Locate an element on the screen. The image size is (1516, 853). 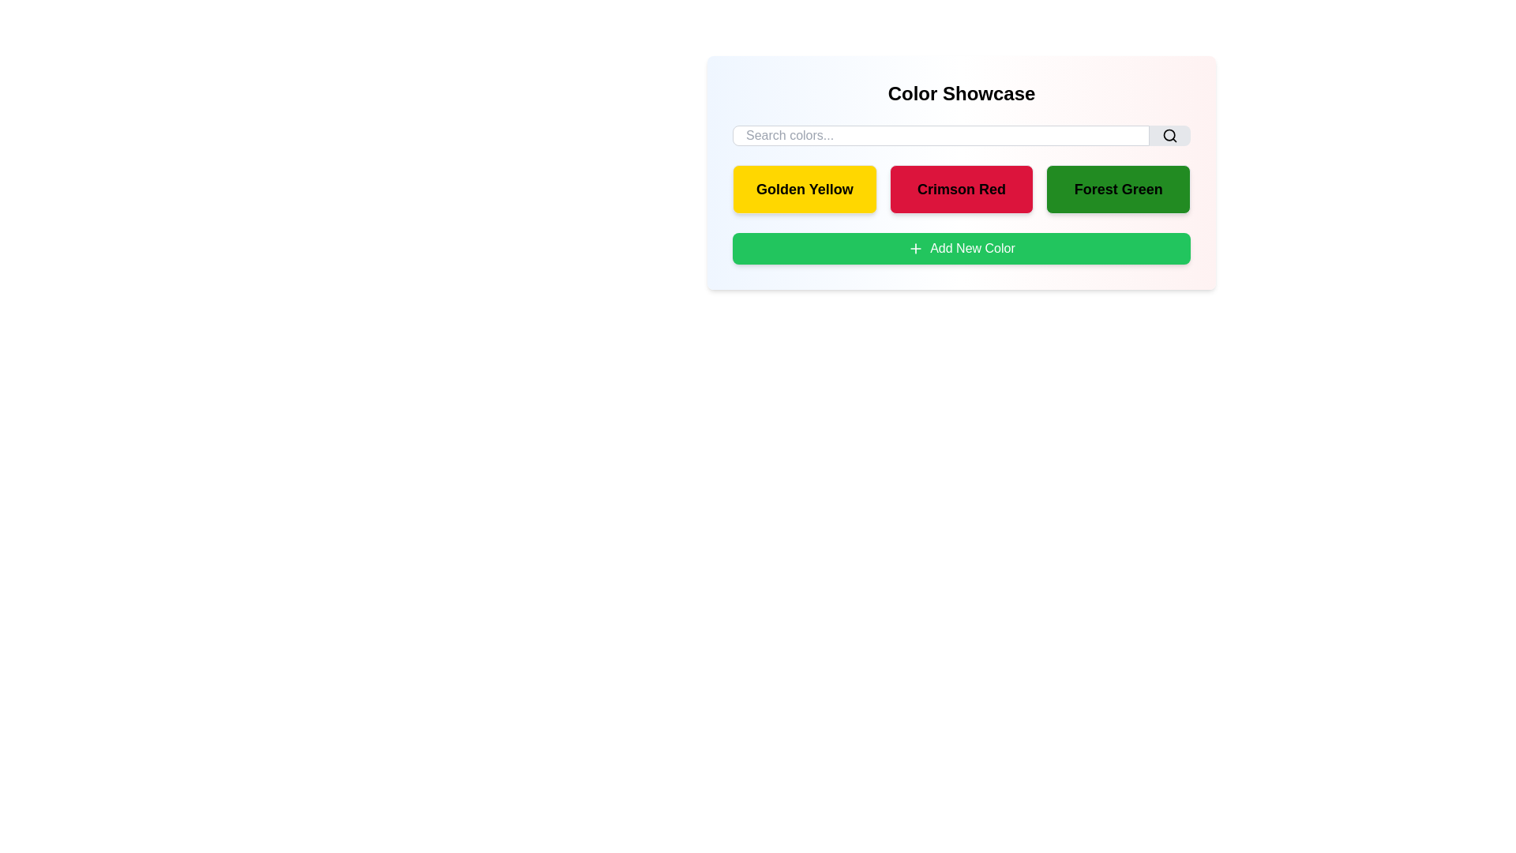
the static display block representing the color crimson red, which is centrally located in the row of a grid layout, flanked by 'Golden Yellow' and 'Forest Green' is located at coordinates (961, 188).